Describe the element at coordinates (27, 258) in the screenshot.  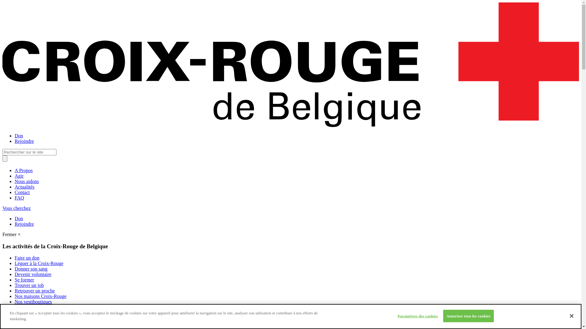
I see `'Faire un don'` at that location.